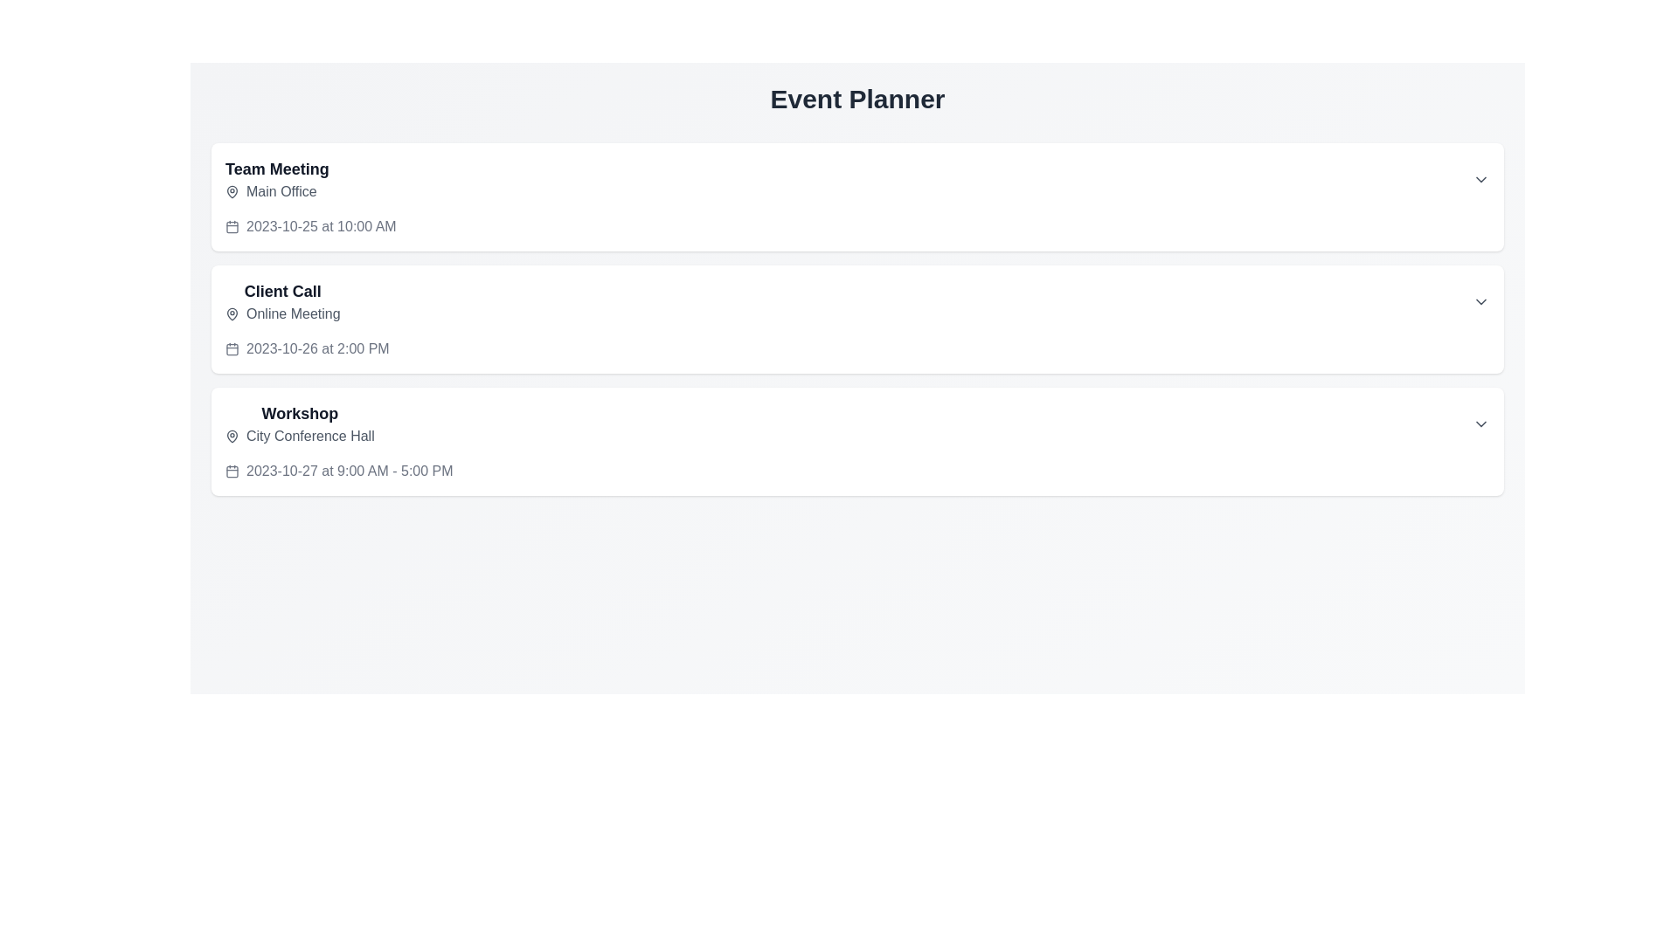  What do you see at coordinates (231, 349) in the screenshot?
I see `the date and time icon associated with the 'Client Call'` at bounding box center [231, 349].